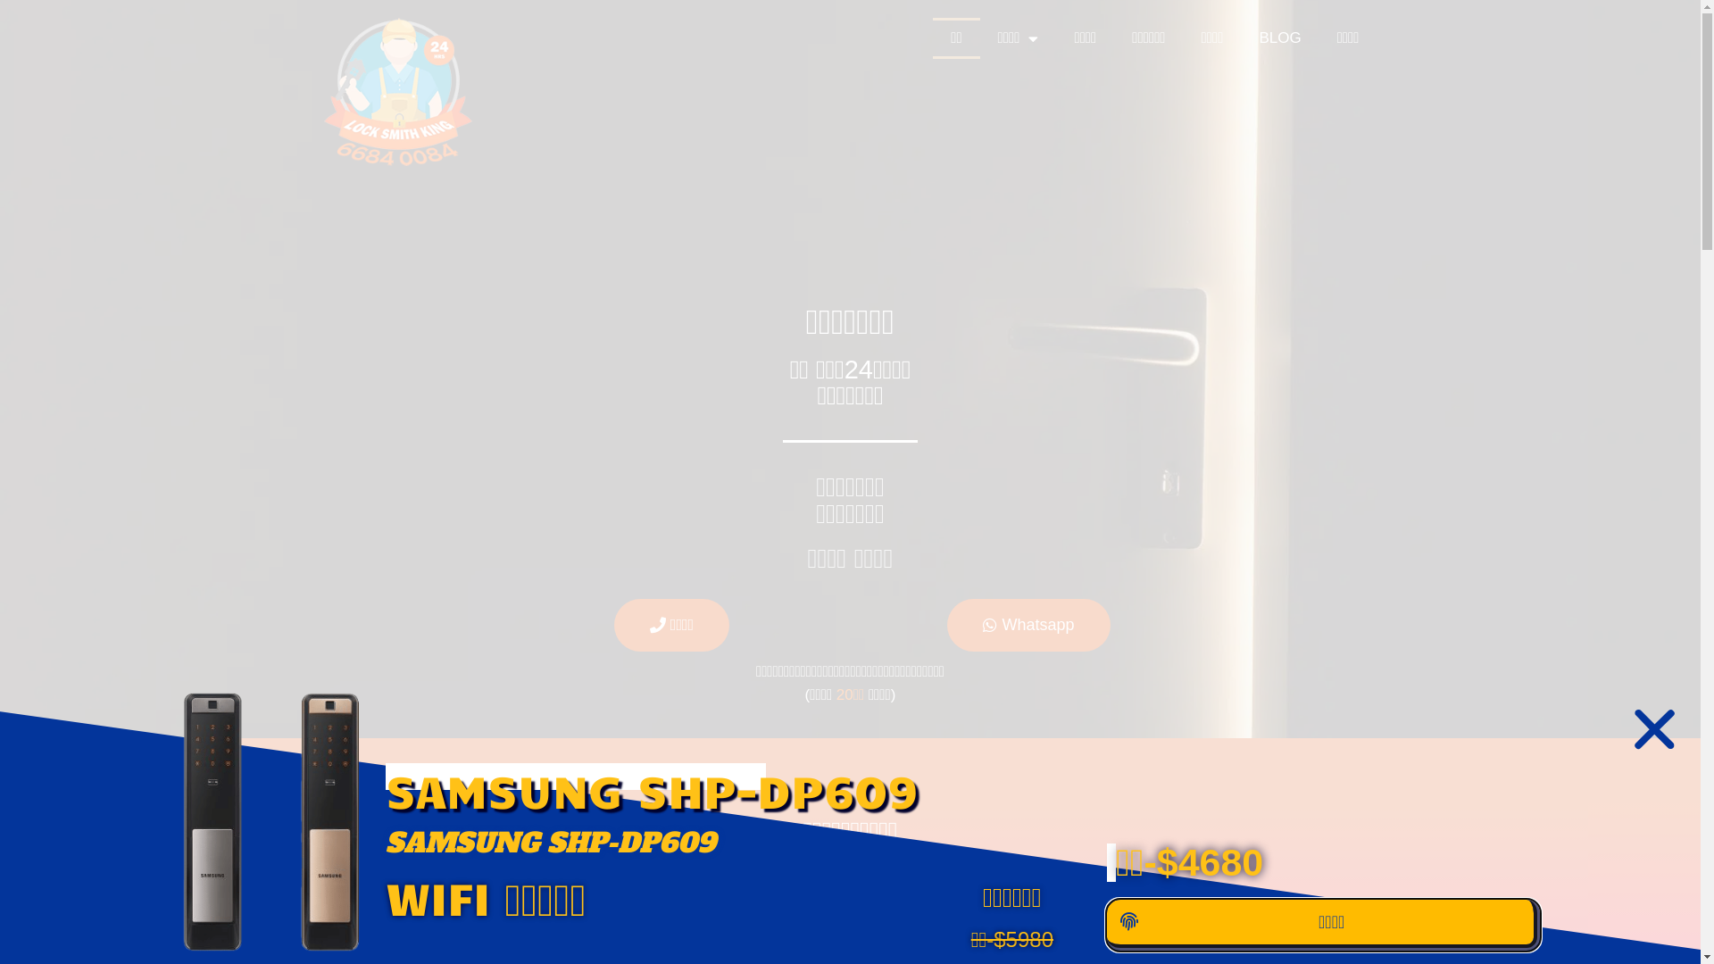 The height and width of the screenshot is (964, 1714). I want to click on 'BLOG', so click(1278, 37).